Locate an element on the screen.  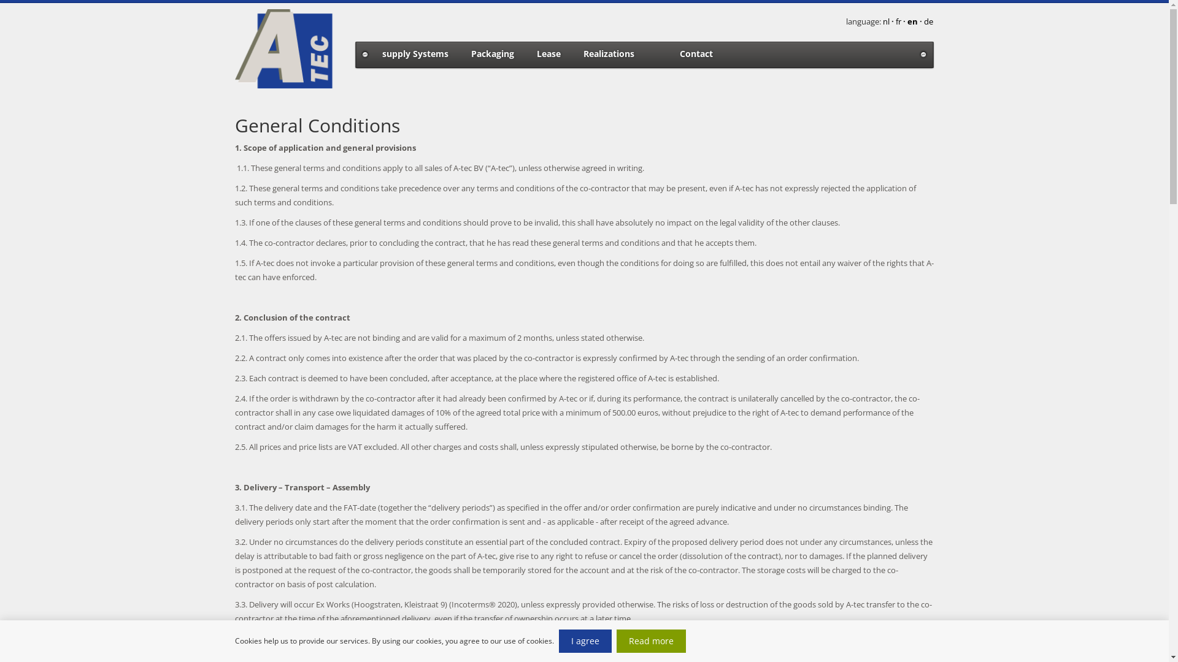
'fr' is located at coordinates (895, 21).